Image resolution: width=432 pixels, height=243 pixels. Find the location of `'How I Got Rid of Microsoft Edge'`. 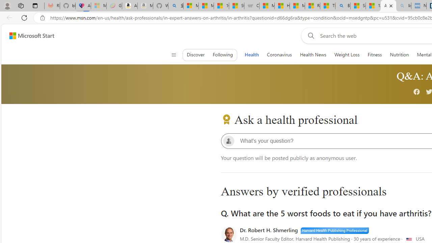

'How I Got Rid of Microsoft Edge' is located at coordinates (282, 6).